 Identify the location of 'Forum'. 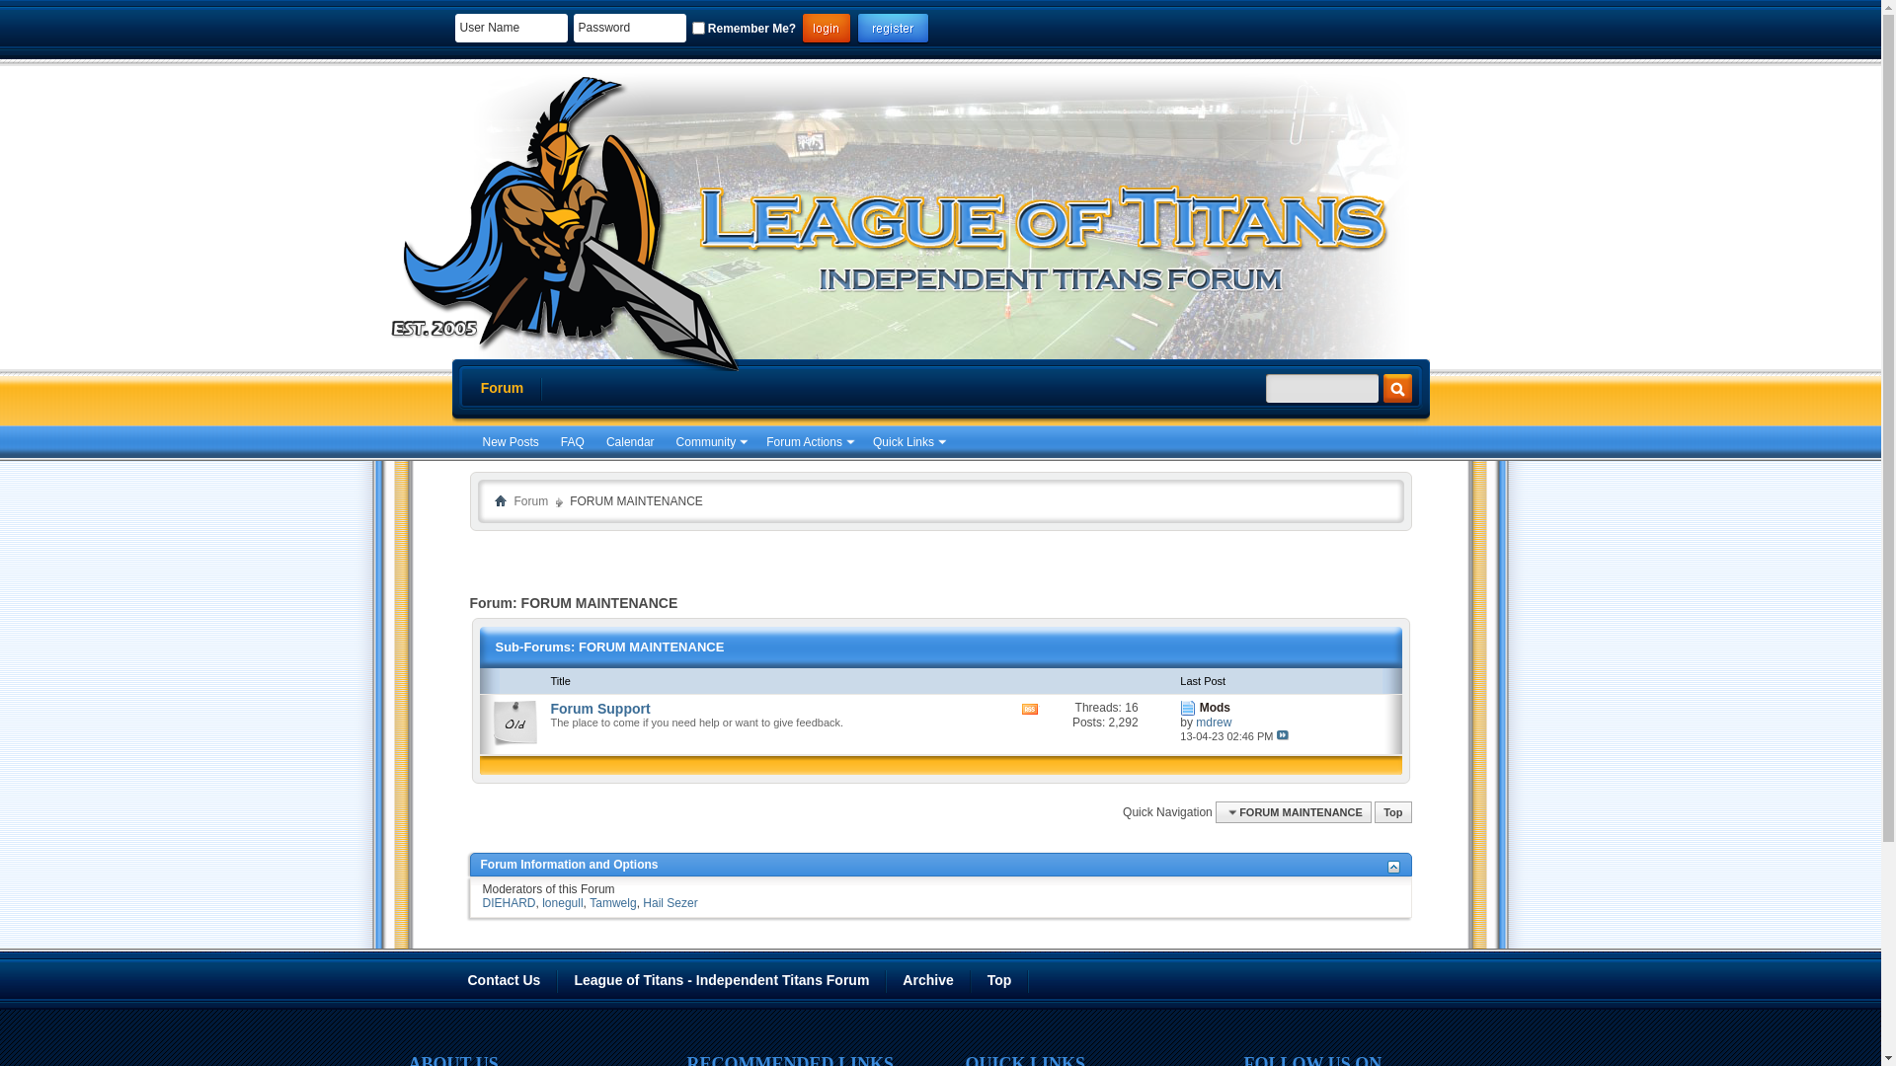
(502, 388).